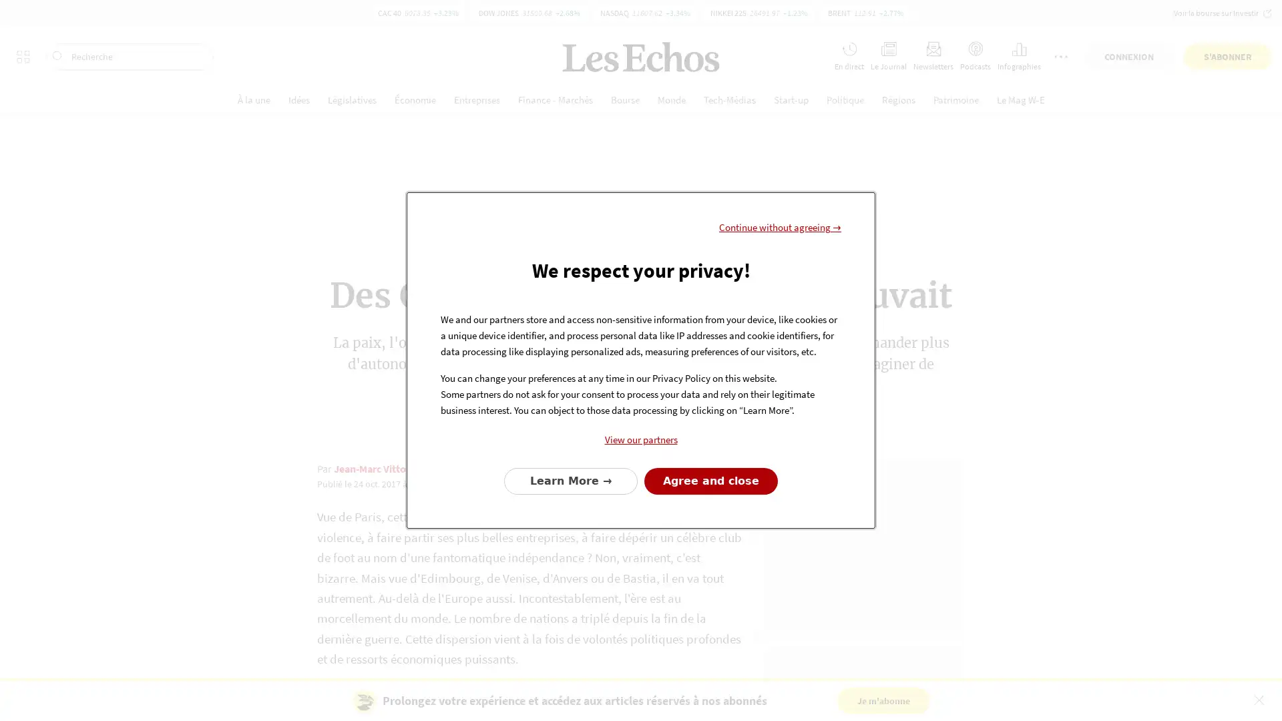 This screenshot has width=1282, height=721. I want to click on Commenter, so click(594, 427).